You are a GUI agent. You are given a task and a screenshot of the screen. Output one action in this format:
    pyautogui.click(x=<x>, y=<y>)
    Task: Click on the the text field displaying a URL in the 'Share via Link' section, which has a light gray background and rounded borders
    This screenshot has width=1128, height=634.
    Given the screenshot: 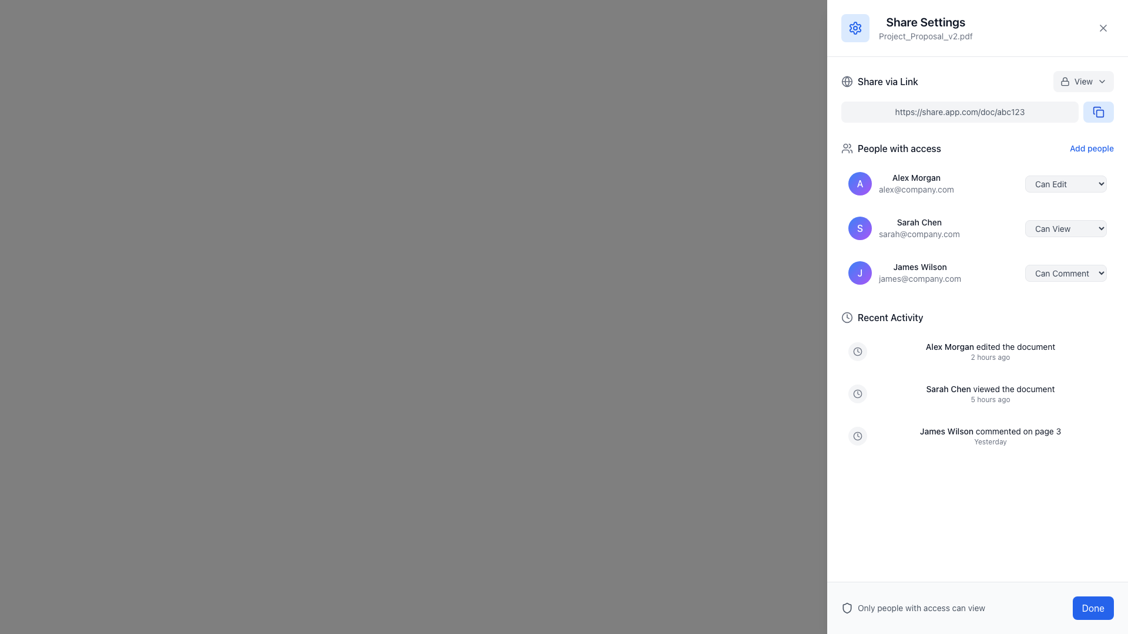 What is the action you would take?
    pyautogui.click(x=978, y=112)
    